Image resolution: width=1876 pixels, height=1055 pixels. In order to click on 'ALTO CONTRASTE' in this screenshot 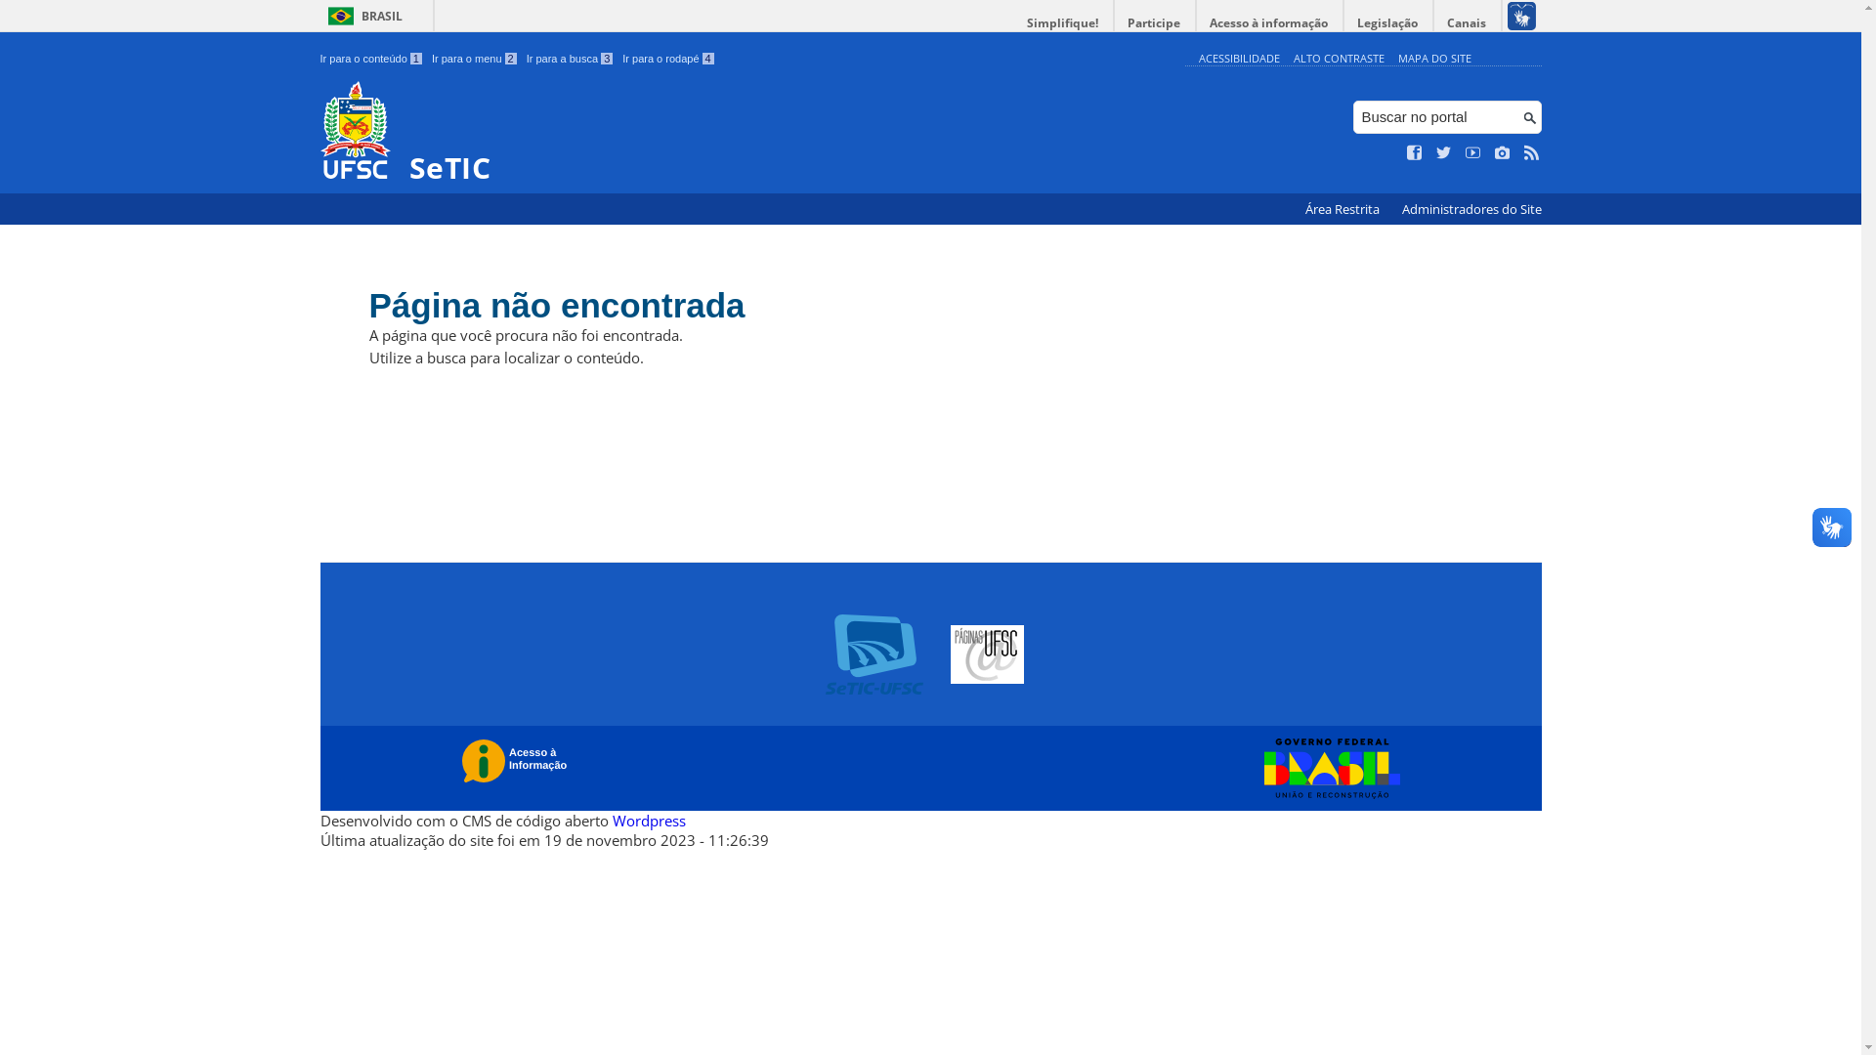, I will do `click(1294, 57)`.